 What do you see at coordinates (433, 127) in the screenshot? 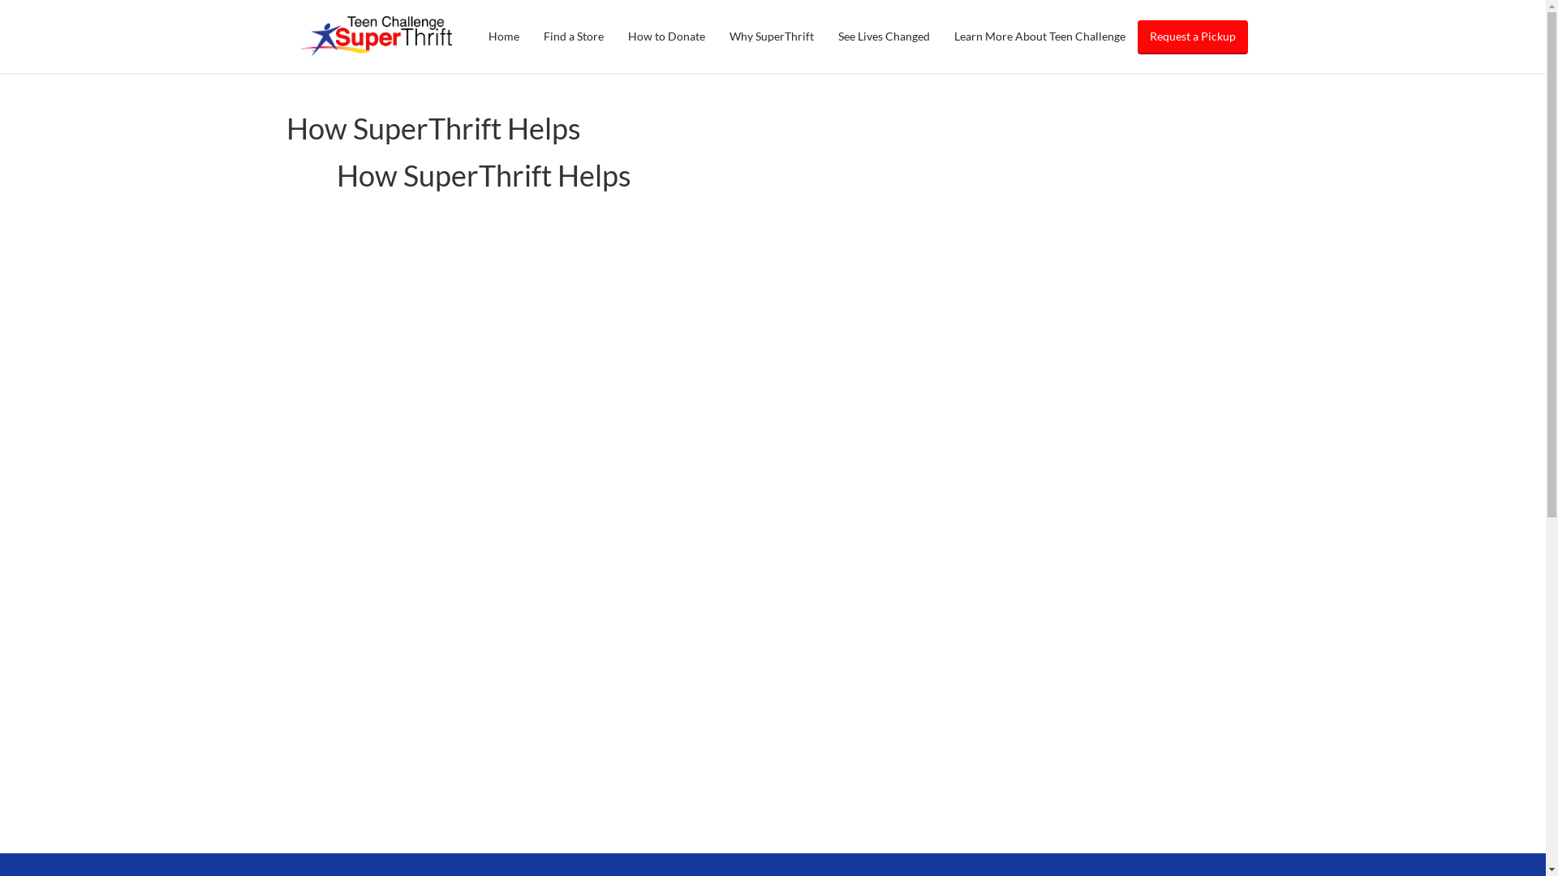
I see `'How SuperThrift Helps'` at bounding box center [433, 127].